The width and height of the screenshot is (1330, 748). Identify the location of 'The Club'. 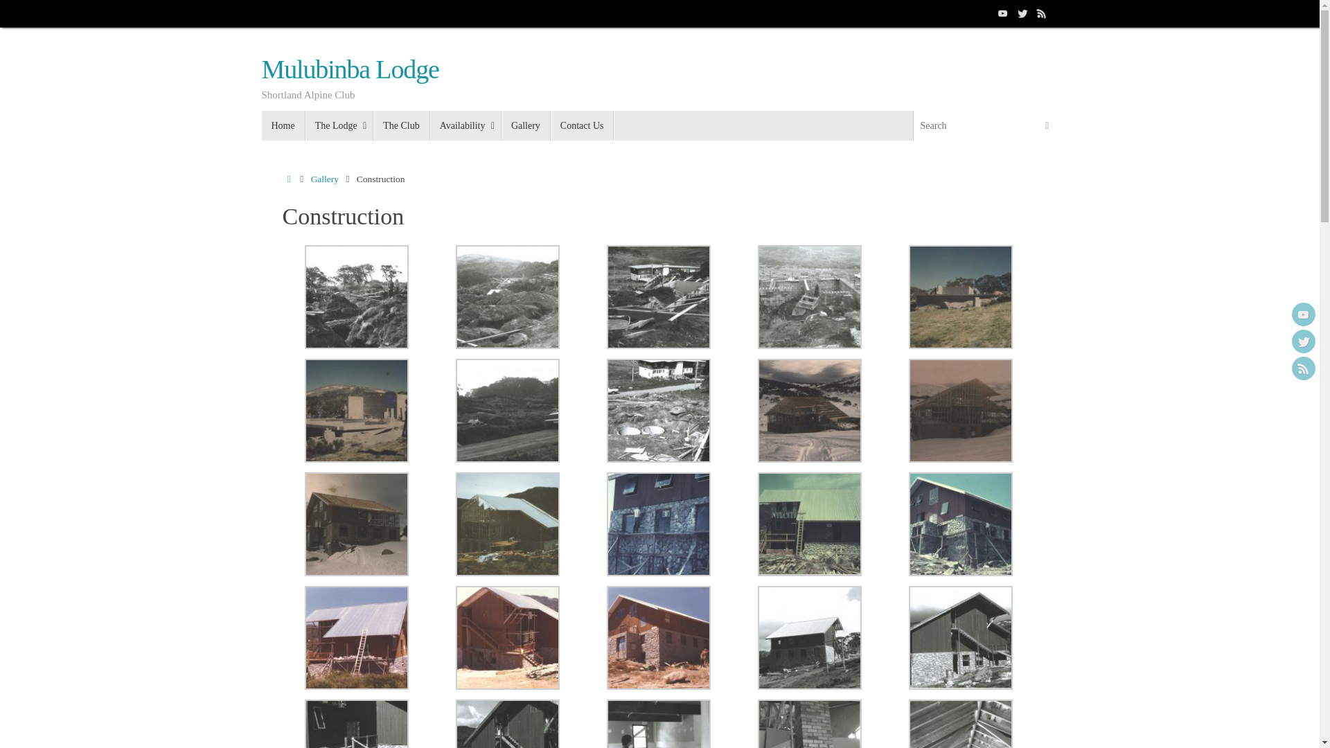
(401, 125).